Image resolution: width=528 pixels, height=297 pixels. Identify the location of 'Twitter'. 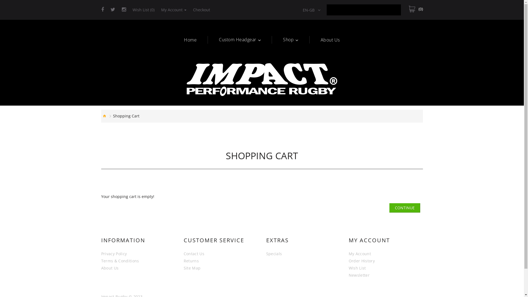
(112, 10).